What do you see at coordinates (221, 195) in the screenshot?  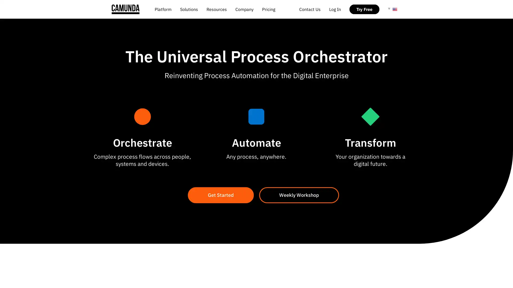 I see `Get Started` at bounding box center [221, 195].